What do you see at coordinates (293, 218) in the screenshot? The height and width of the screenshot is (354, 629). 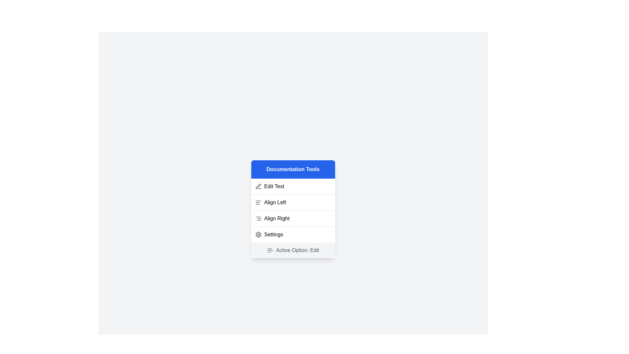 I see `the menu option Align Right to select it` at bounding box center [293, 218].